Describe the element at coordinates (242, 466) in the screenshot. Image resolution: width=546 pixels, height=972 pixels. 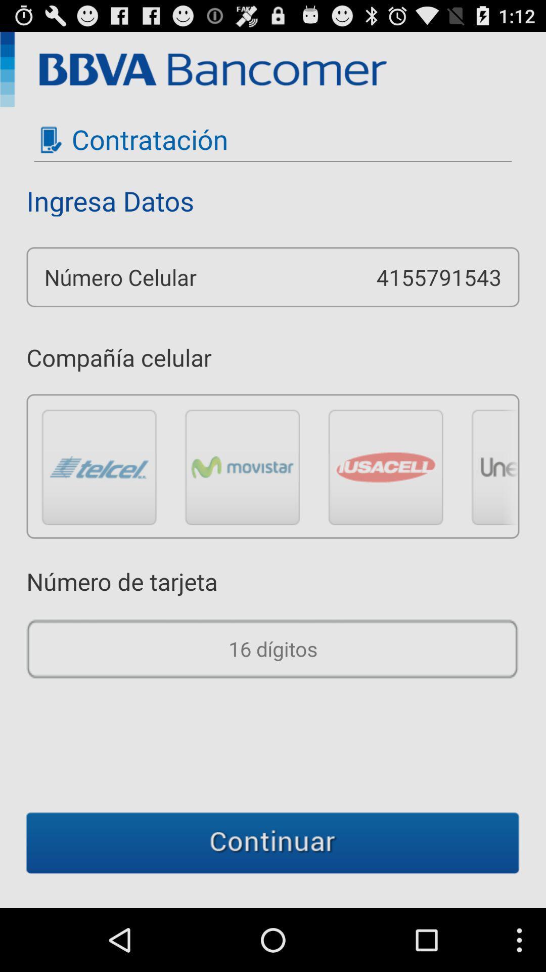
I see `cellular company` at that location.